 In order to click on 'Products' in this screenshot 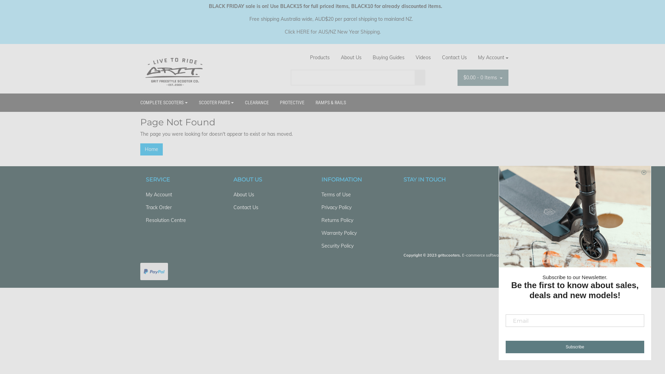, I will do `click(319, 57)`.